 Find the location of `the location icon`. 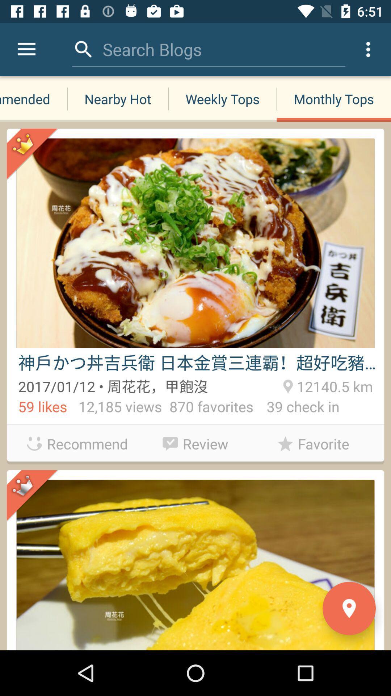

the location icon is located at coordinates (349, 608).